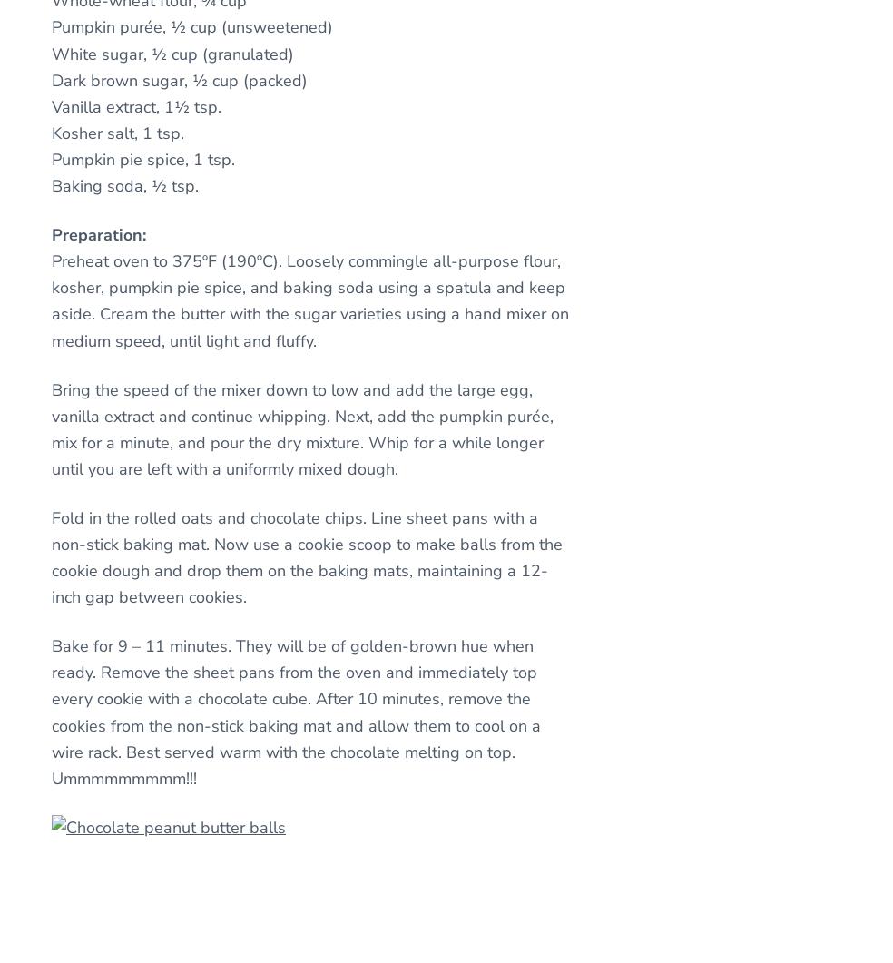 This screenshot has height=963, width=893. What do you see at coordinates (143, 160) in the screenshot?
I see `'Pumpkin pie spice, 1 tsp.'` at bounding box center [143, 160].